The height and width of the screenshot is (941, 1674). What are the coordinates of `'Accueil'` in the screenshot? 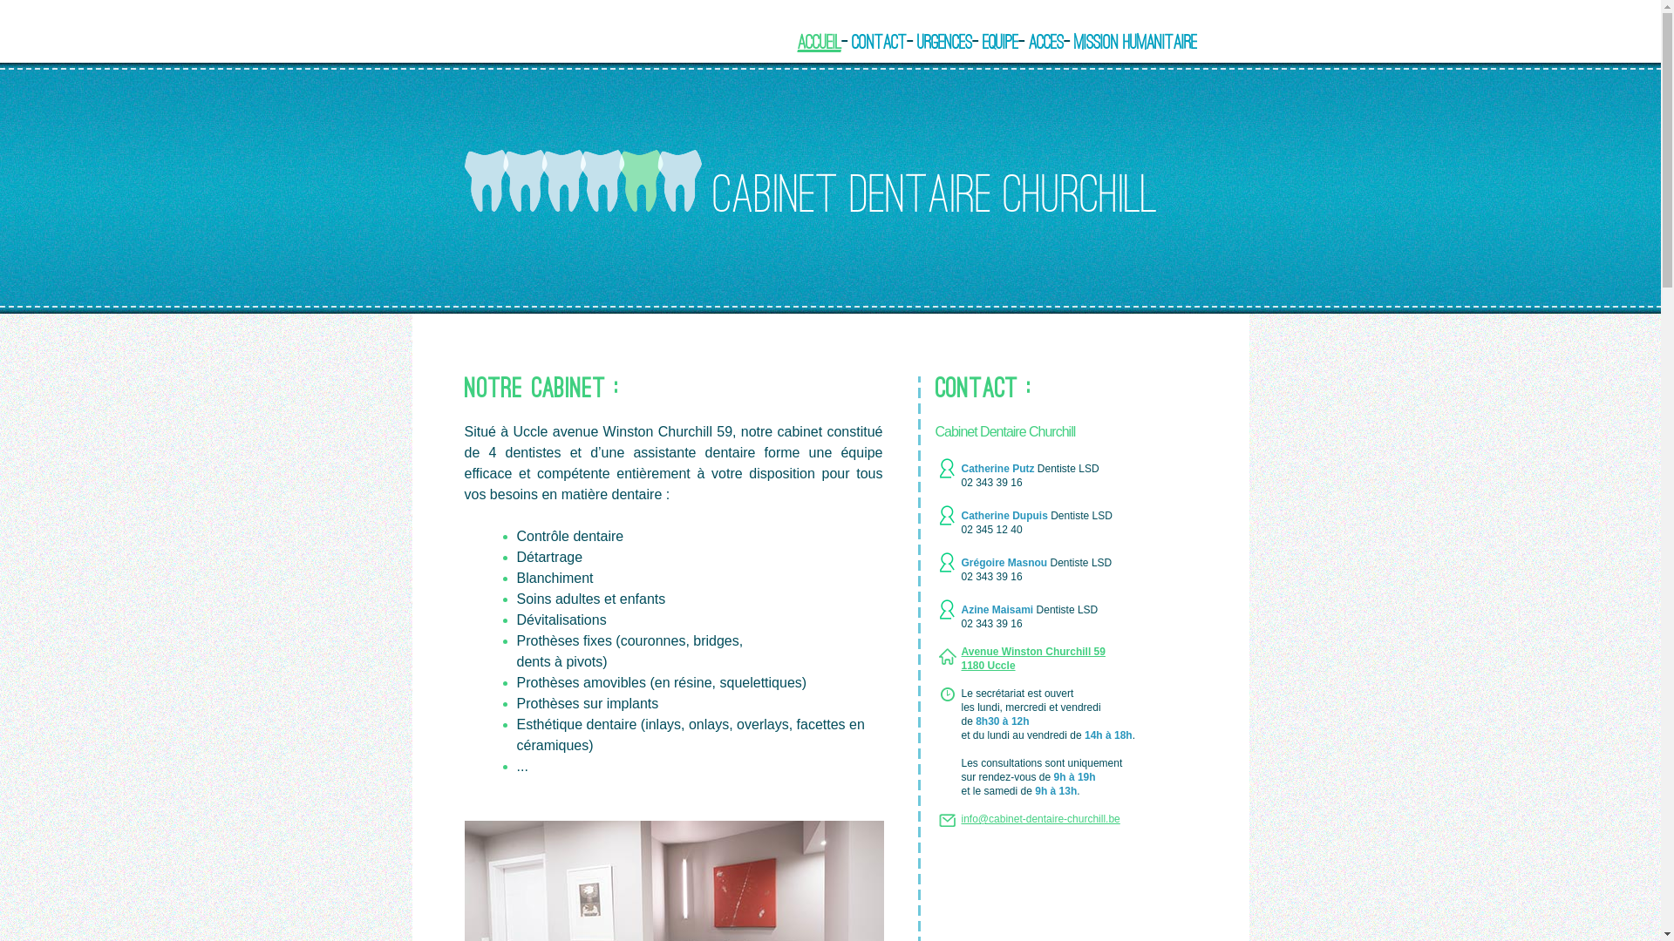 It's located at (818, 42).